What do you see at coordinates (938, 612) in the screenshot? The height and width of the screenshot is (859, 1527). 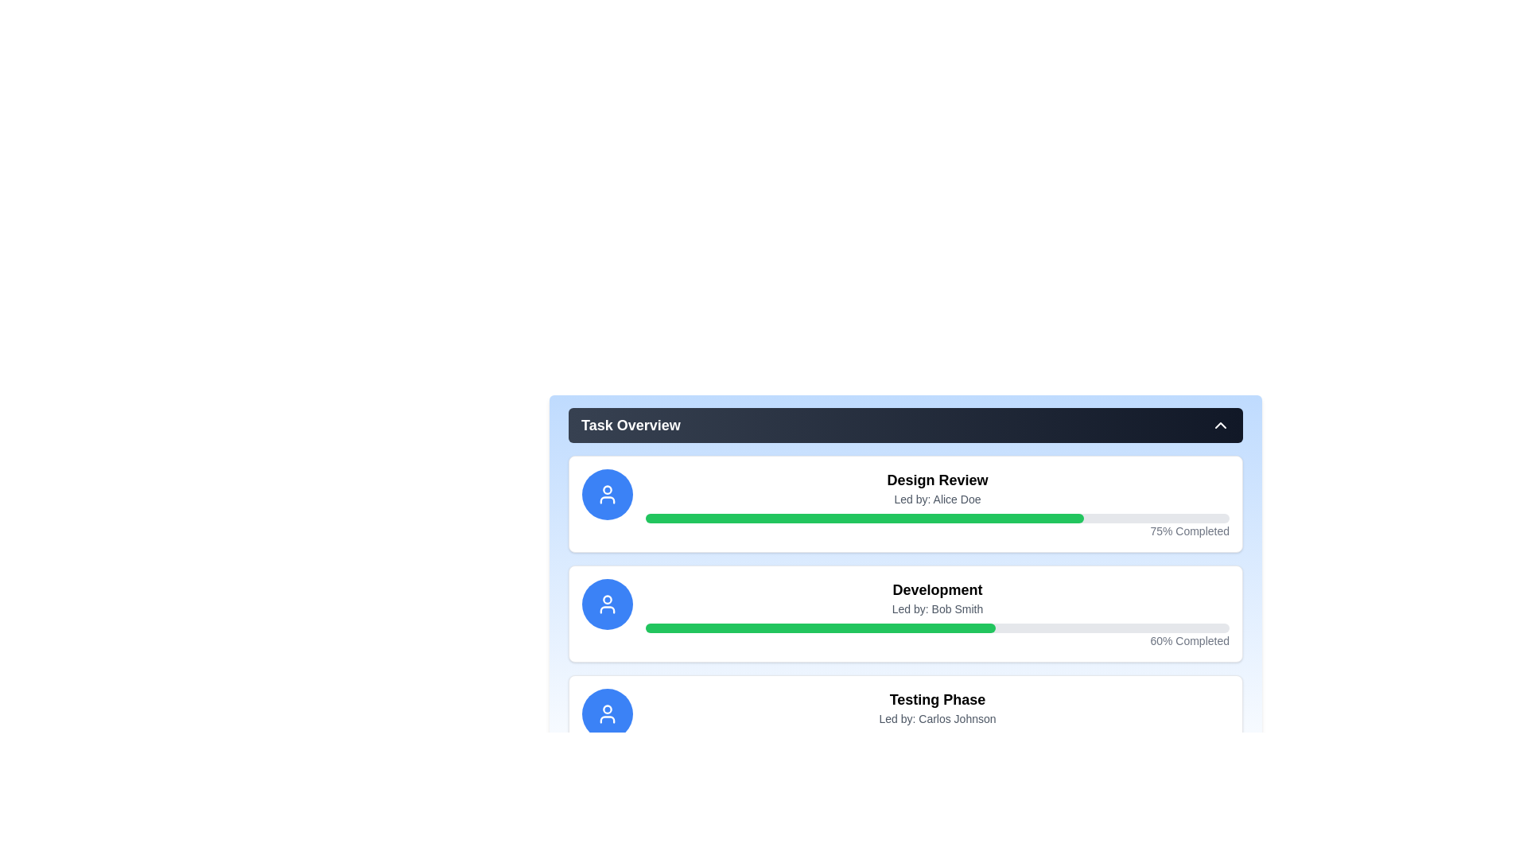 I see `task information from the Task progress indicator card for 'Development', which is centrally positioned in the task card list and provides progress metrics` at bounding box center [938, 612].